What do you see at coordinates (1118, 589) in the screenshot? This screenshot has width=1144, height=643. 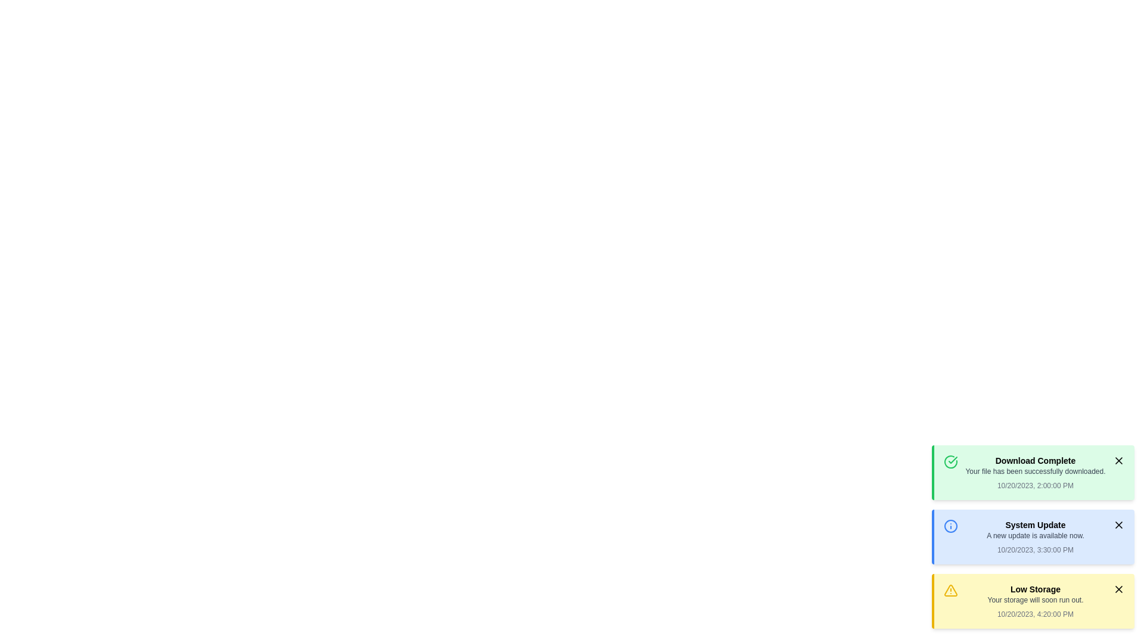 I see `the close button icon located at the top-right corner of the 'Low Storage' notification to potentially reveal a tooltip or feedback` at bounding box center [1118, 589].